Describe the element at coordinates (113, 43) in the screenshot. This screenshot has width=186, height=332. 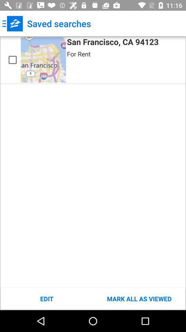
I see `the app below the saved searches` at that location.